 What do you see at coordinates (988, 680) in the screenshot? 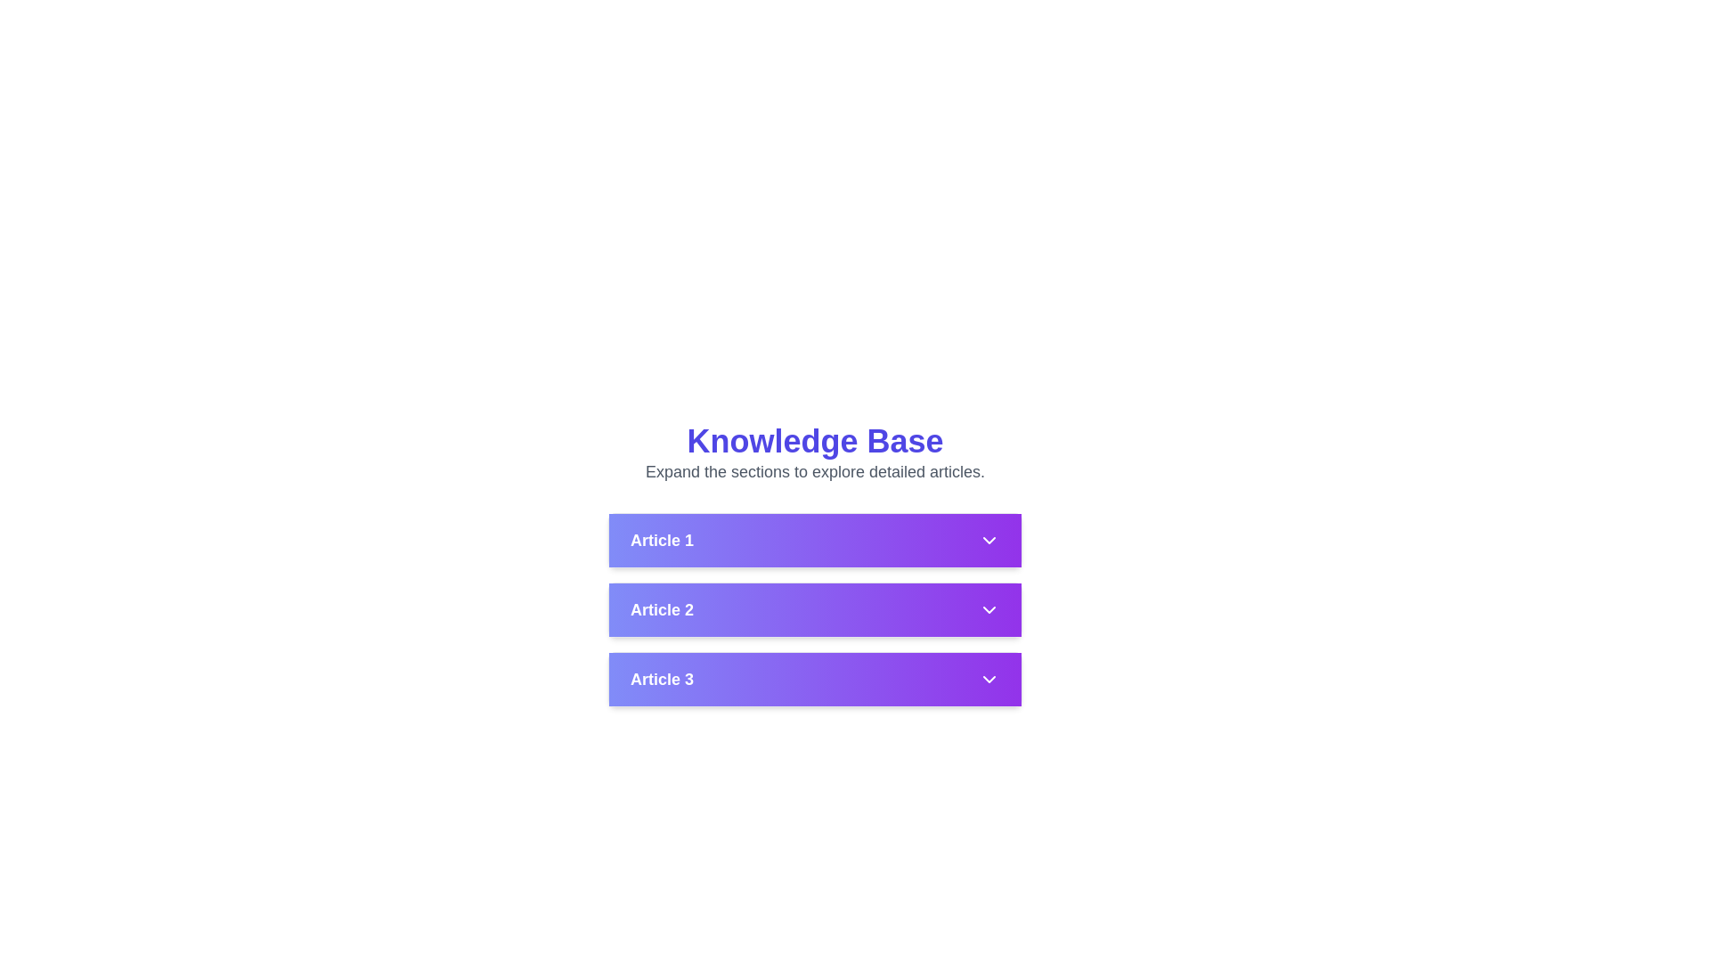
I see `the chevron-shaped down arrow icon located in the 'Article 3' row, positioned on a purple gradient background, to trigger potential hover effects` at bounding box center [988, 680].